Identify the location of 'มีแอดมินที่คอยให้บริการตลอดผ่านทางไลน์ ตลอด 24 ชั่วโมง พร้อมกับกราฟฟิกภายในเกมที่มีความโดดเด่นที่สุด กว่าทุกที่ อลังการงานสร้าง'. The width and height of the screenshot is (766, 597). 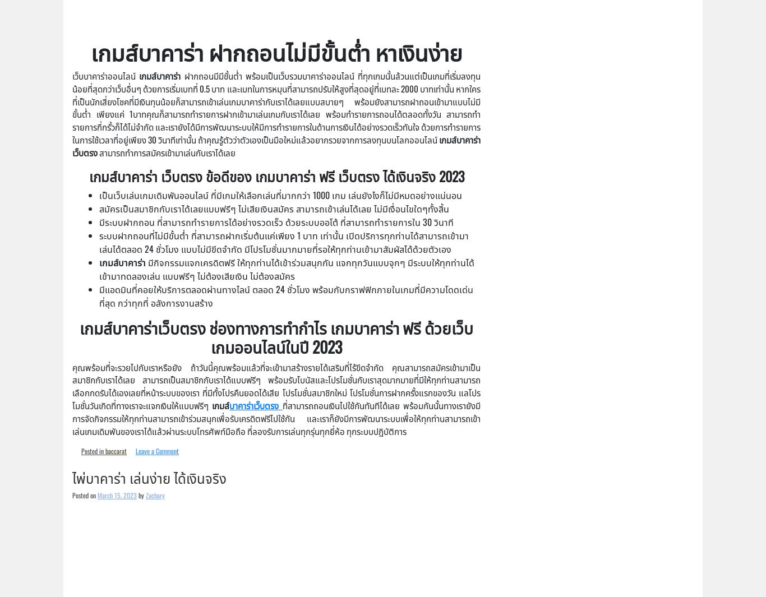
(286, 295).